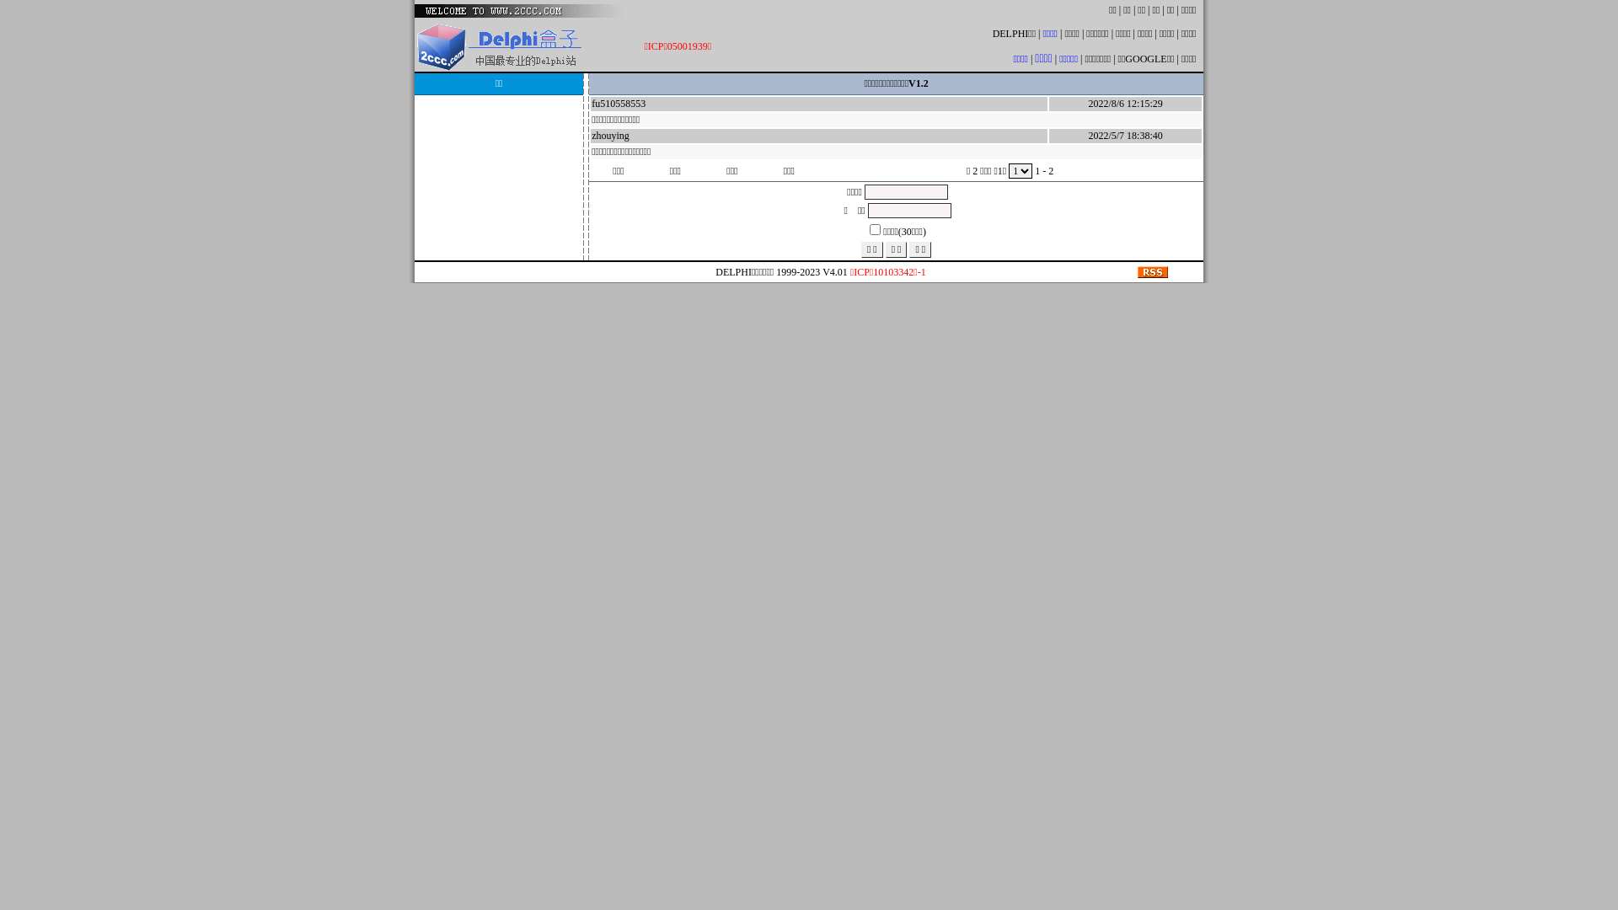  What do you see at coordinates (609, 135) in the screenshot?
I see `'zhouying'` at bounding box center [609, 135].